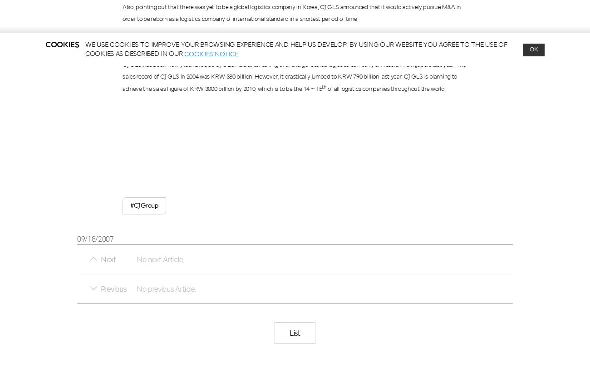  What do you see at coordinates (291, 12) in the screenshot?
I see `', CJ GLS announced that it would actively pursue M&A in order to be reborn as a logistics company of international standard in a shortest period of time.'` at bounding box center [291, 12].